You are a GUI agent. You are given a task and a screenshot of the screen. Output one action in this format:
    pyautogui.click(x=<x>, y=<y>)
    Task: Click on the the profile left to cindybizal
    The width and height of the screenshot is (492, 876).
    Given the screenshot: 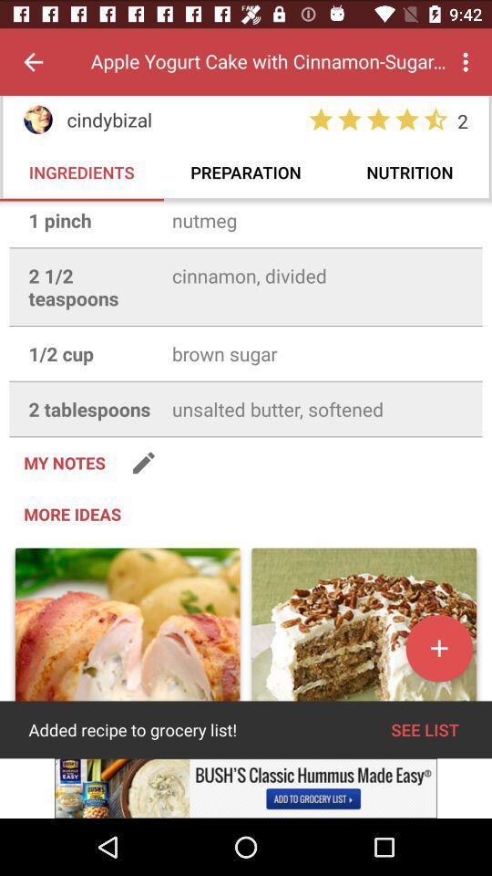 What is the action you would take?
    pyautogui.click(x=38, y=119)
    